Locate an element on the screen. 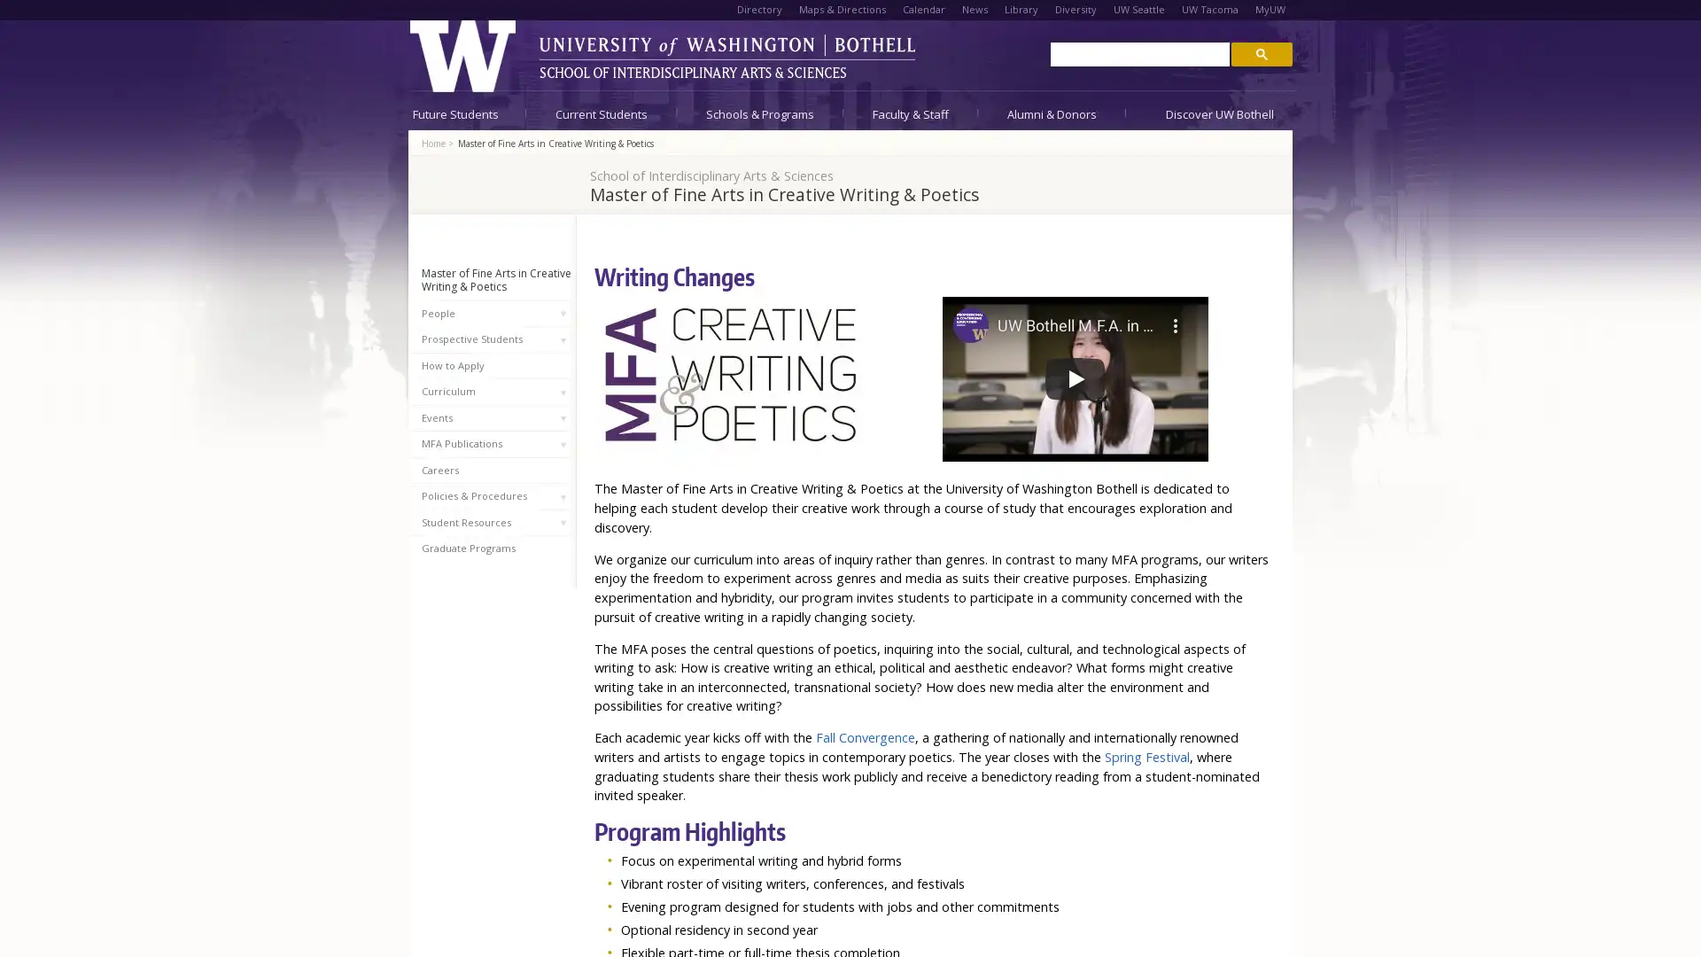 The height and width of the screenshot is (957, 1701). MFA Publications Submenu is located at coordinates (563, 443).